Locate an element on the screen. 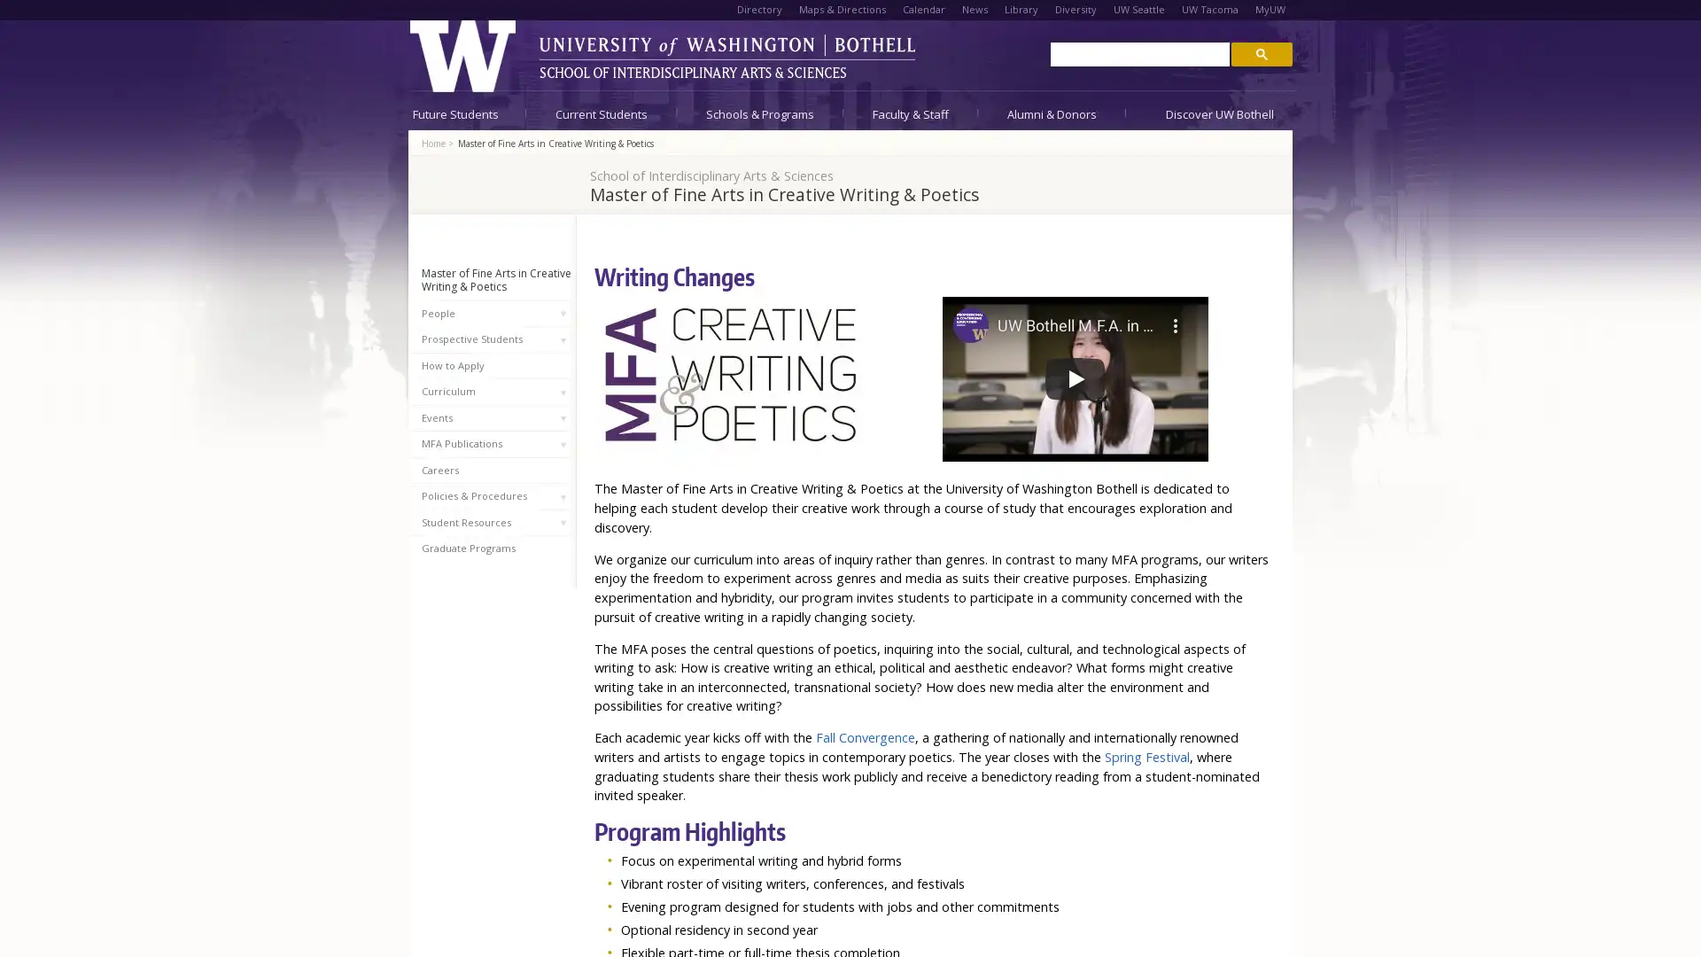 The height and width of the screenshot is (957, 1701). MFA Publications Submenu is located at coordinates (563, 443).